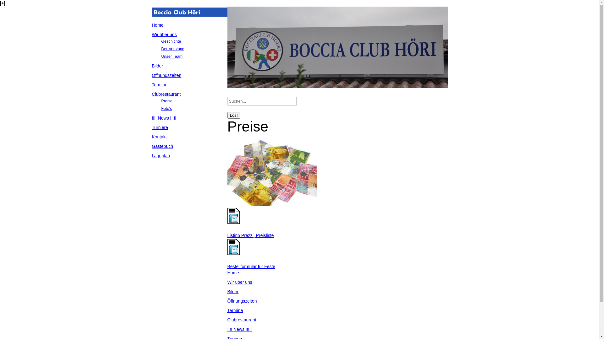 This screenshot has width=604, height=339. I want to click on 'Lageplan', so click(160, 155).